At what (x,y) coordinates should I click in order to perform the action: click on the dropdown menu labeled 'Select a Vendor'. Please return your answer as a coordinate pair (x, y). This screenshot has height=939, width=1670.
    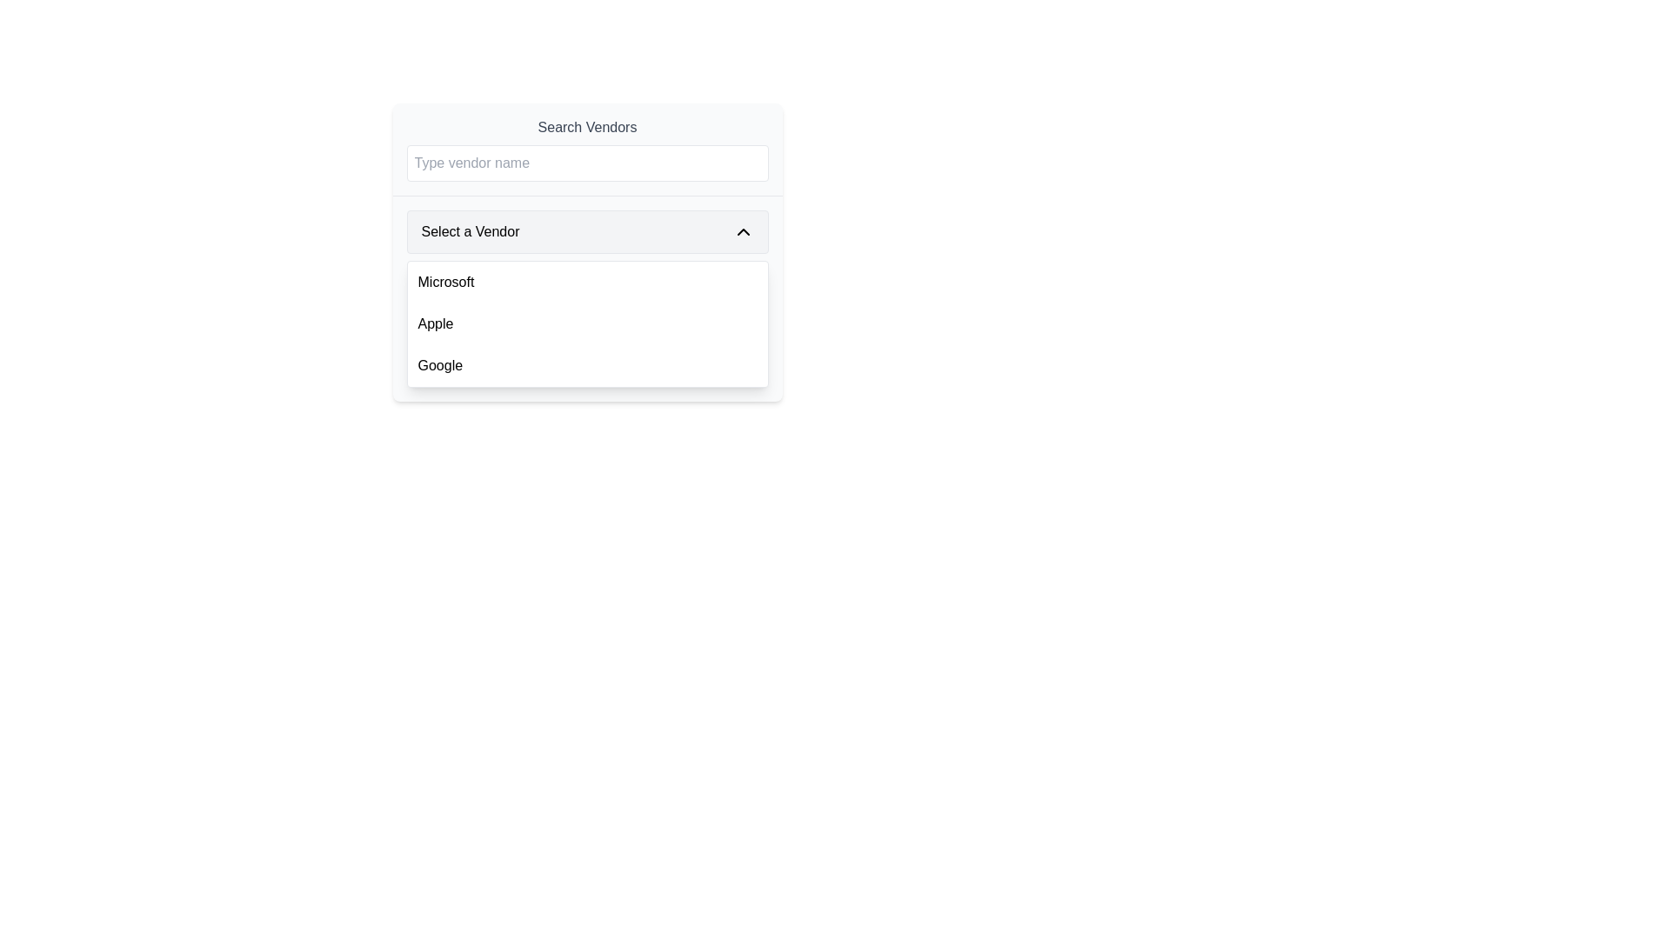
    Looking at the image, I should click on (587, 252).